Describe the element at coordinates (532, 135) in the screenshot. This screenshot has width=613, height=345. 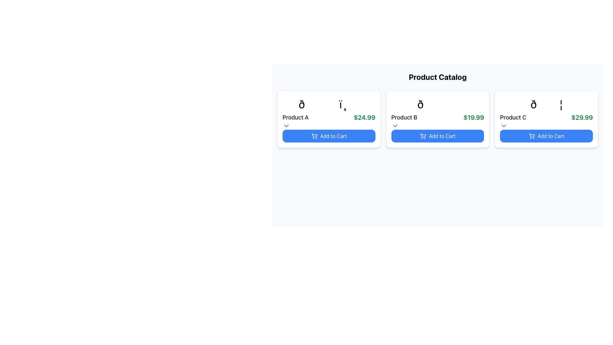
I see `the shopping cart icon on the blue 'Add to Cart' button for Product C` at that location.